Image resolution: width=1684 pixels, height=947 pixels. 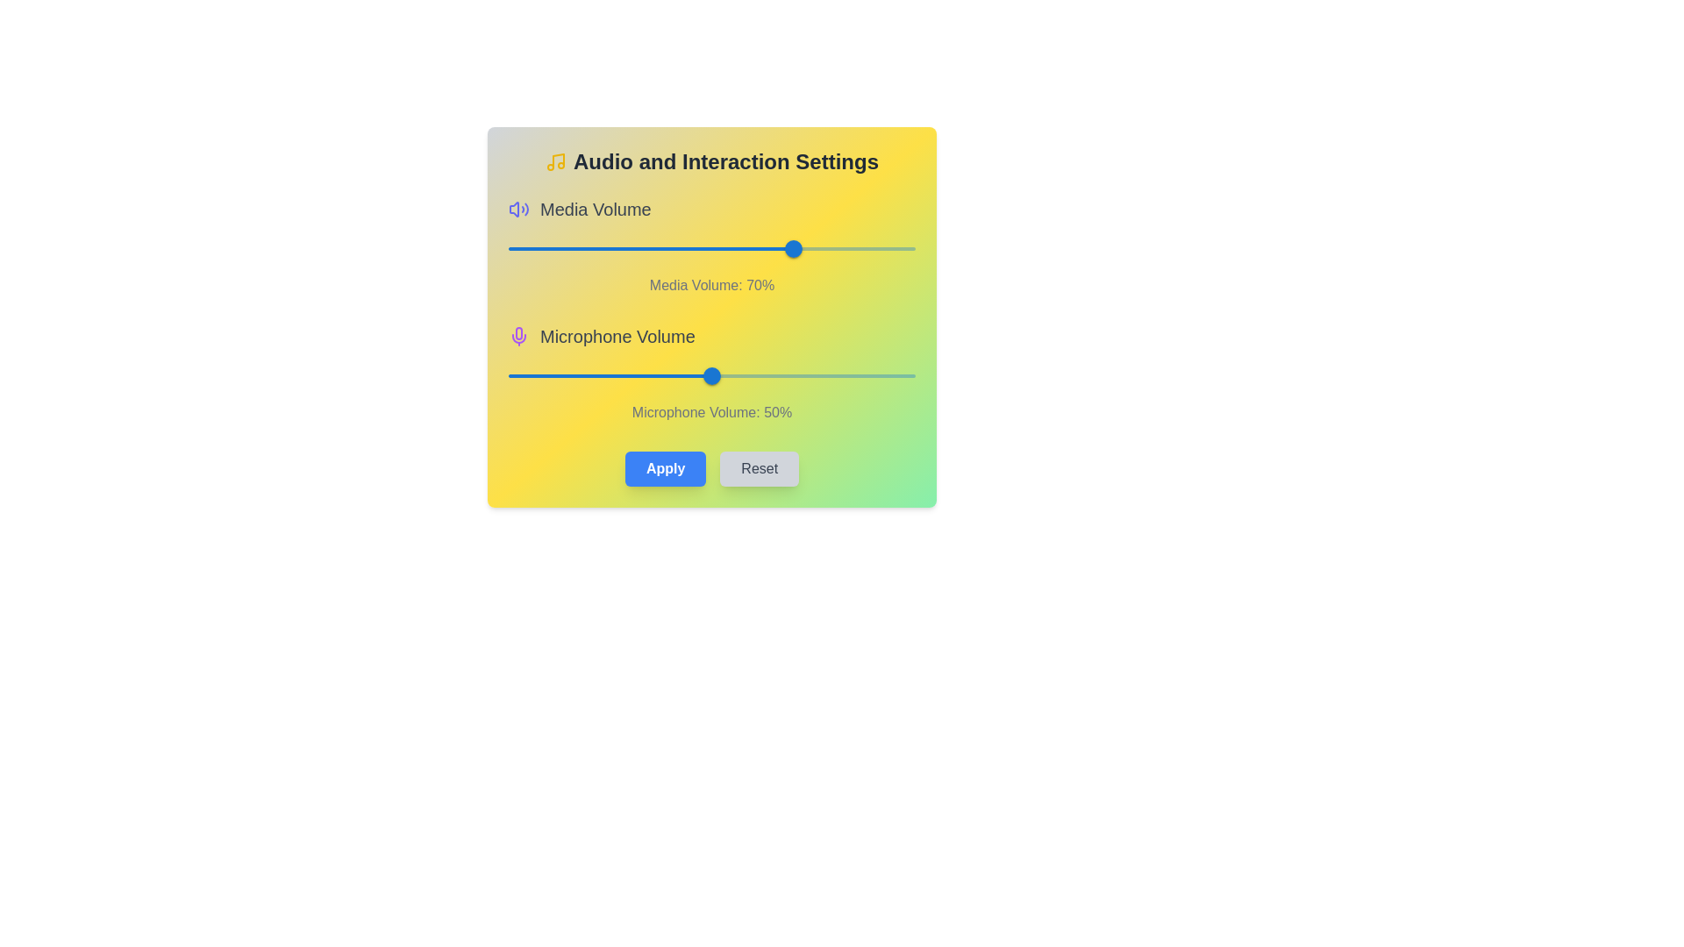 What do you see at coordinates (887, 374) in the screenshot?
I see `the microphone volume` at bounding box center [887, 374].